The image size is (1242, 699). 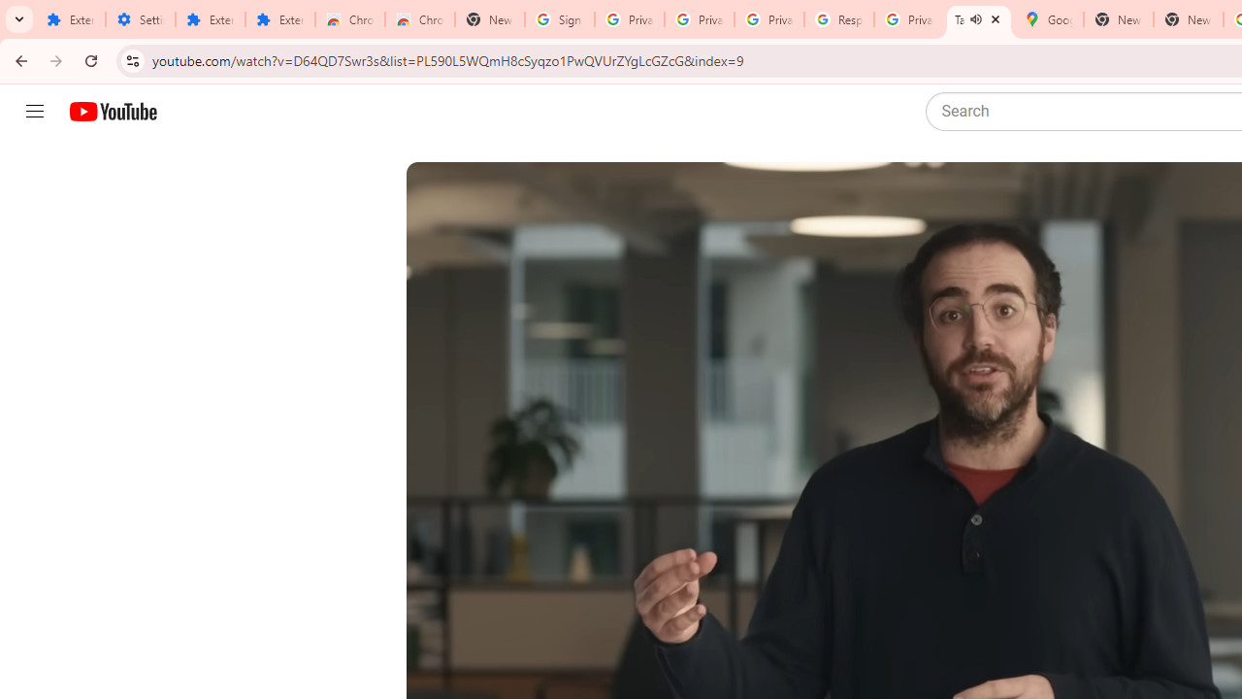 What do you see at coordinates (112, 112) in the screenshot?
I see `'YouTube Home'` at bounding box center [112, 112].